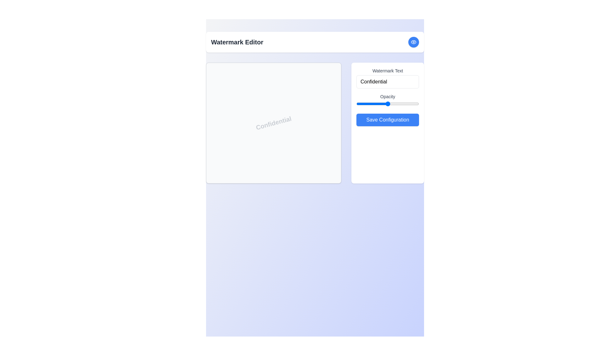  What do you see at coordinates (315, 123) in the screenshot?
I see `the Display area or viewport used for previewing the watermark configuration, located under 'Watermark Editor'` at bounding box center [315, 123].